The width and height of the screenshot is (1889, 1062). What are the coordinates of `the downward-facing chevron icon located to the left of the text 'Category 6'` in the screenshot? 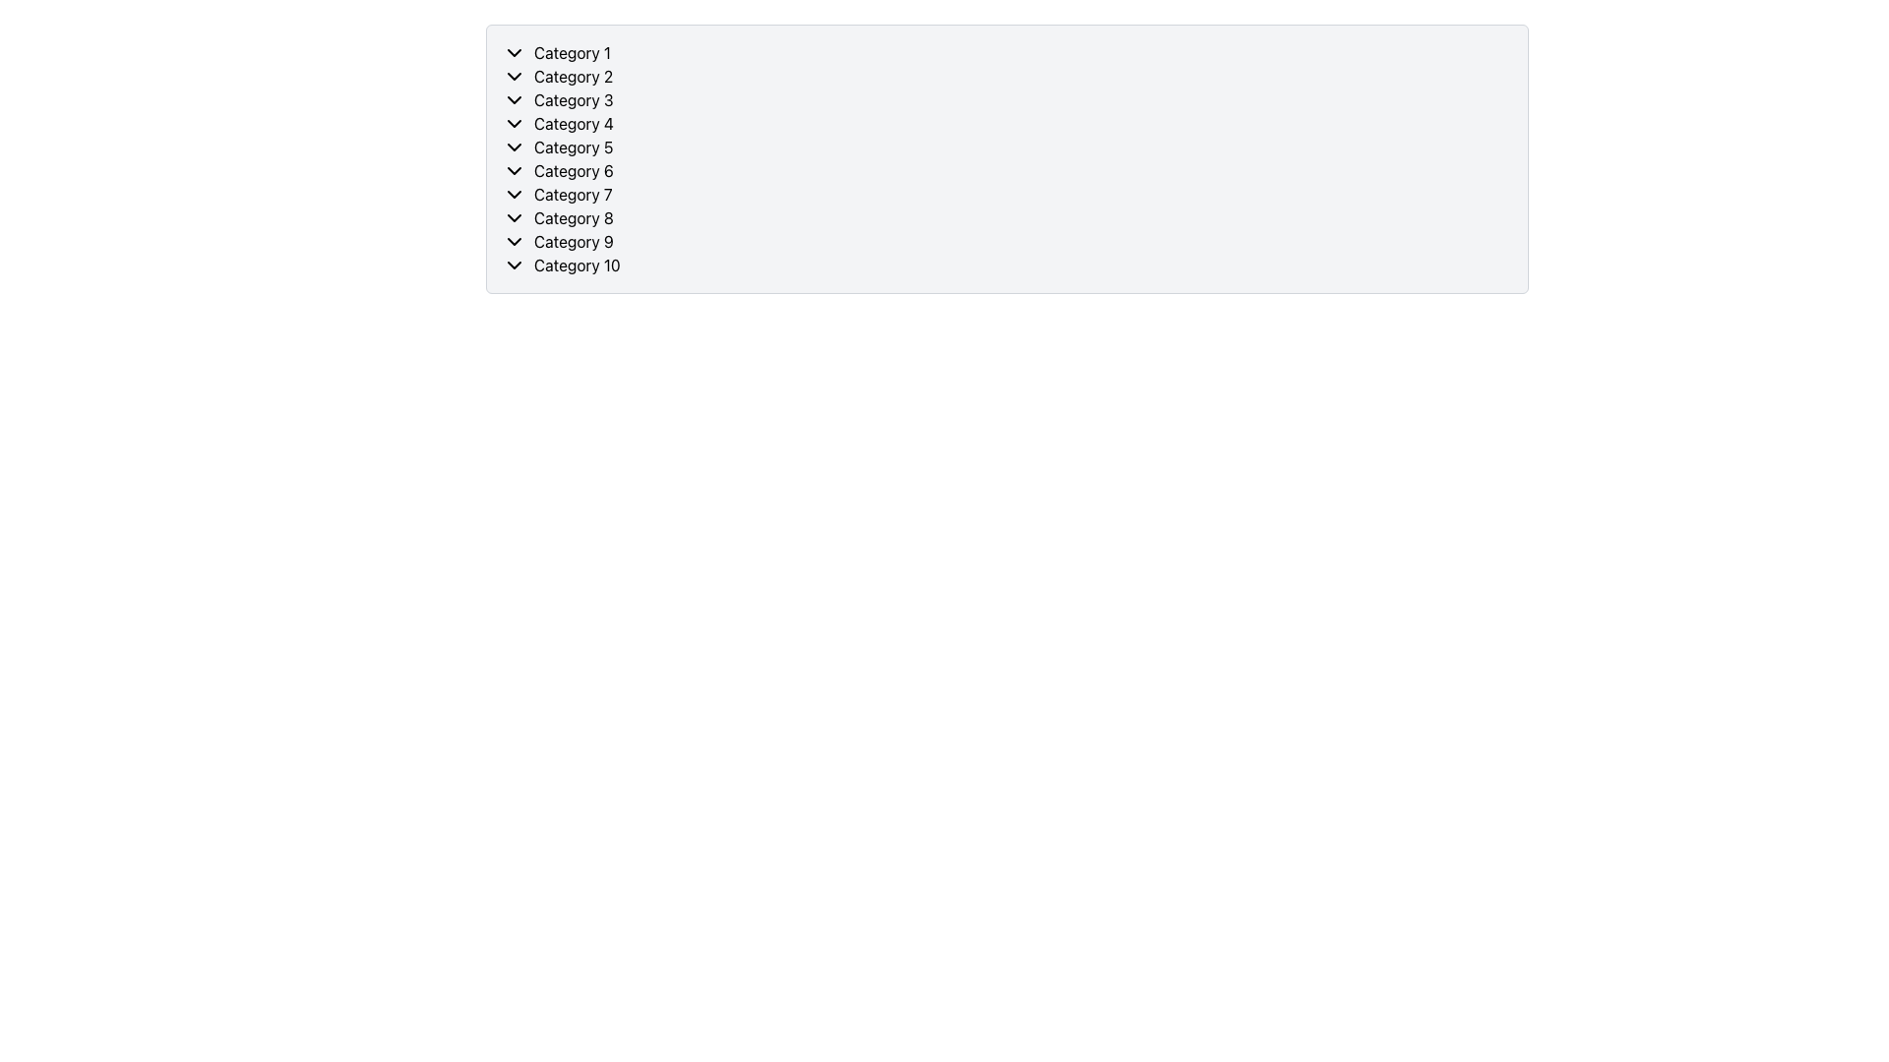 It's located at (515, 169).